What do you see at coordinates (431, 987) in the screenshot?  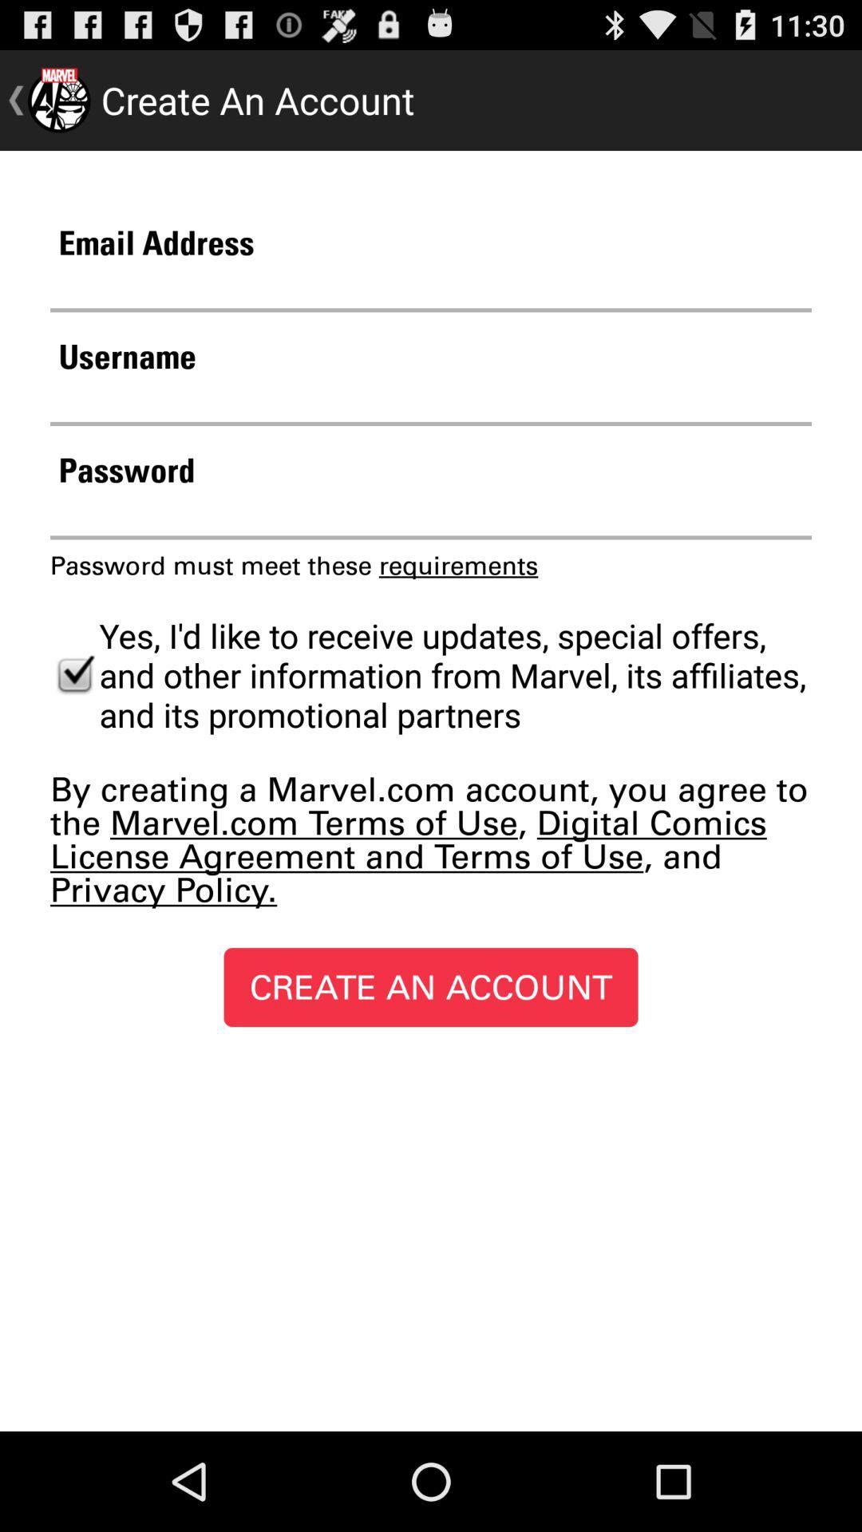 I see `create an account` at bounding box center [431, 987].